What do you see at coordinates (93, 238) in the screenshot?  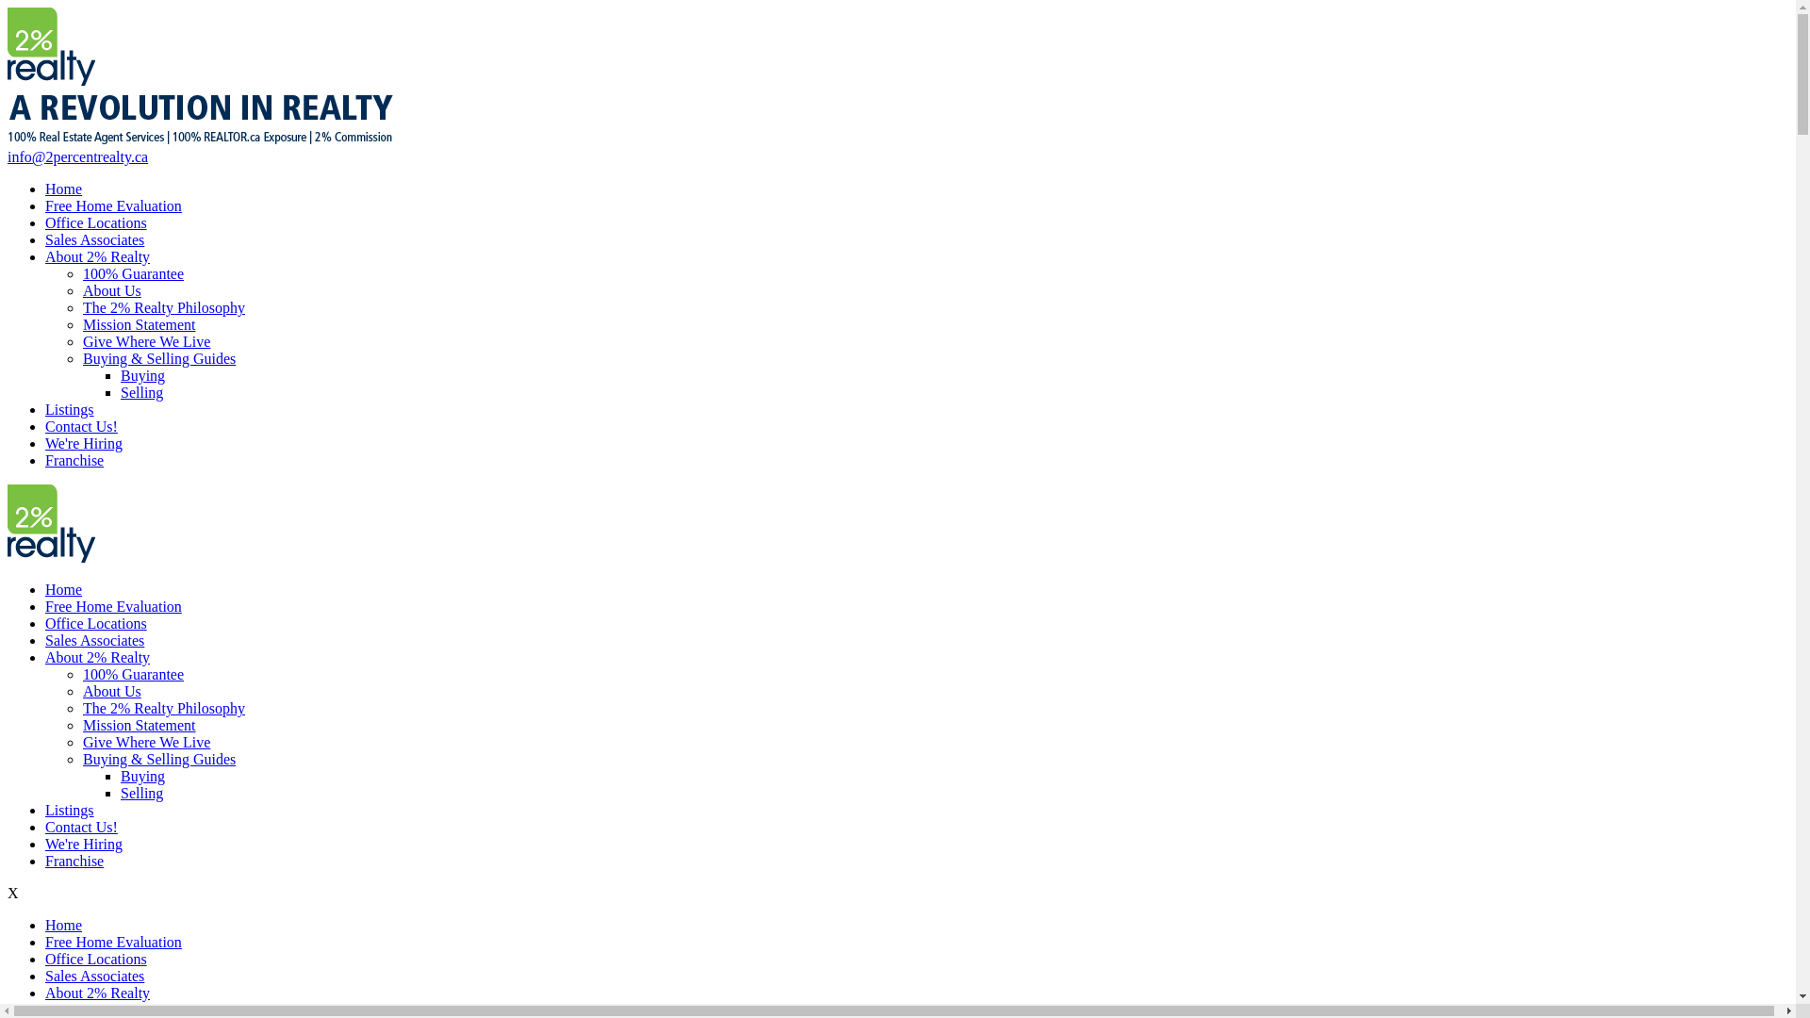 I see `'Sales Associates'` at bounding box center [93, 238].